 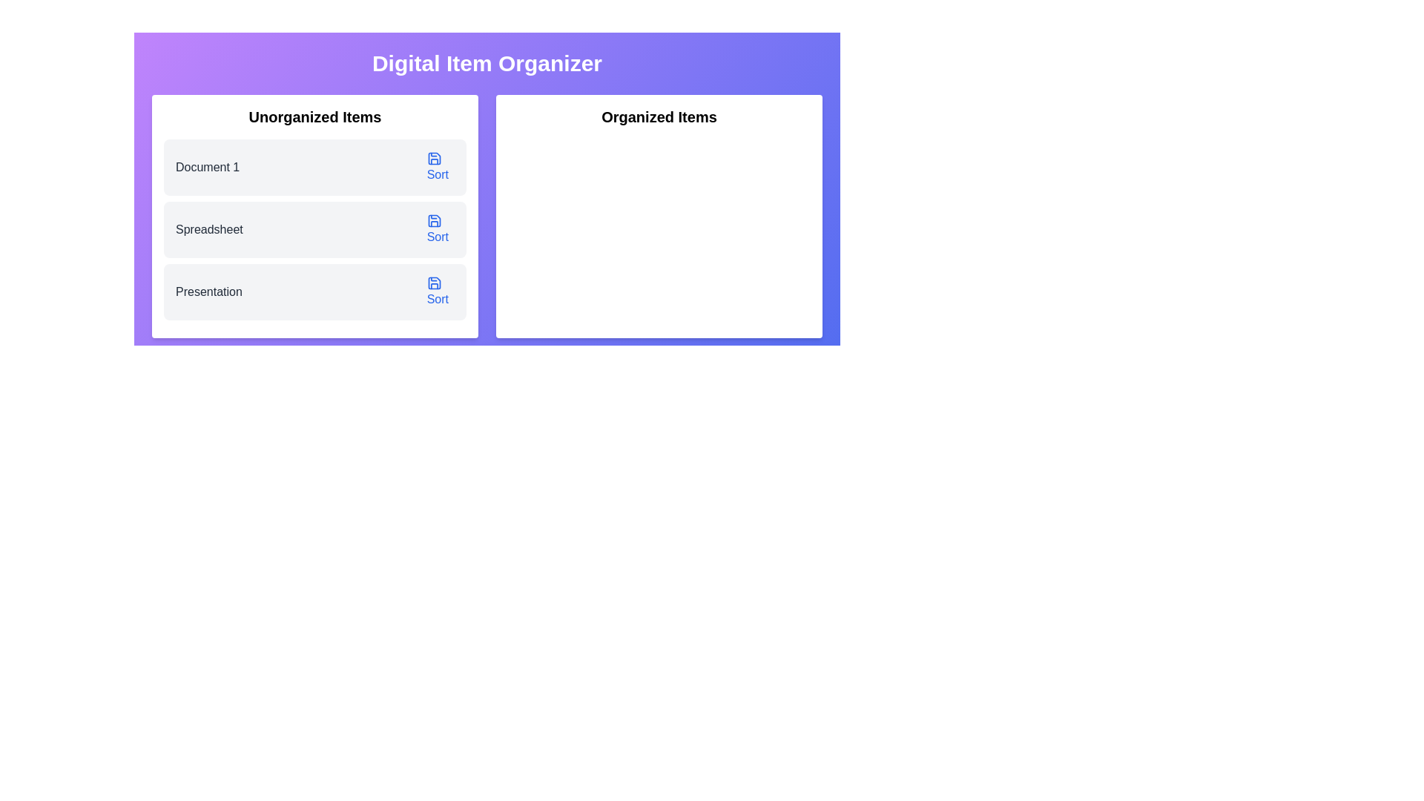 I want to click on the blue save icon resembling a floppy disk, which is part of the 'Sort' button located in the 'Unorganized Items' section, aligned to the right of 'Presentation', so click(x=433, y=220).